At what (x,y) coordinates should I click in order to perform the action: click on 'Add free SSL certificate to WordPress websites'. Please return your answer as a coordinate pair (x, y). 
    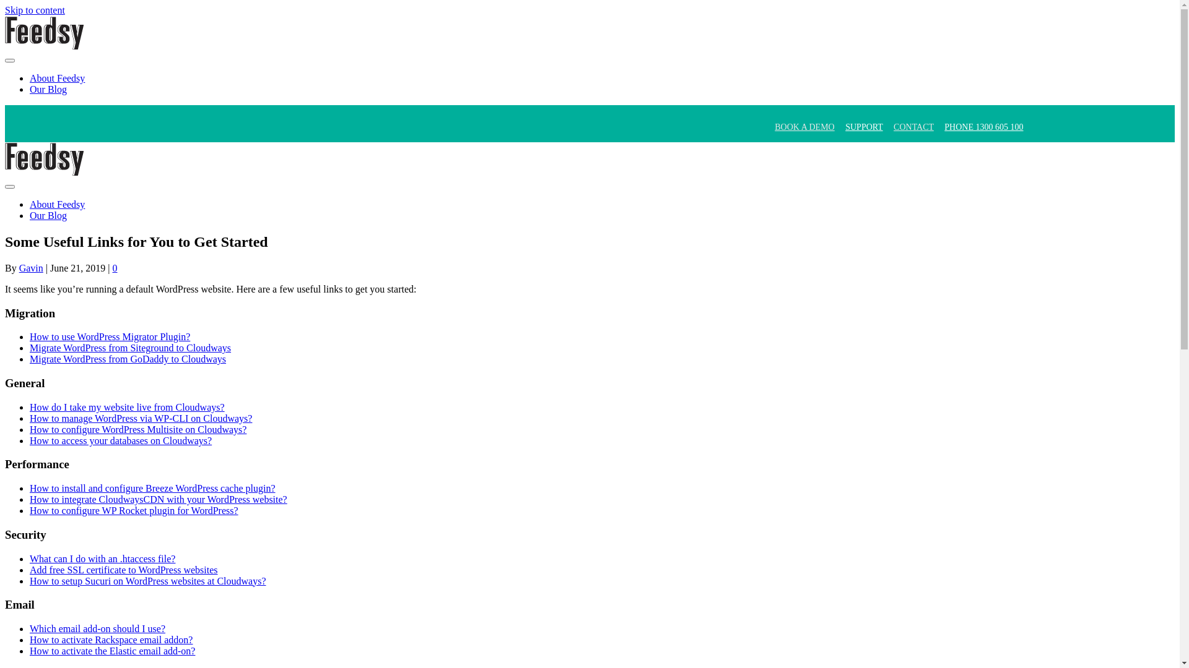
    Looking at the image, I should click on (124, 570).